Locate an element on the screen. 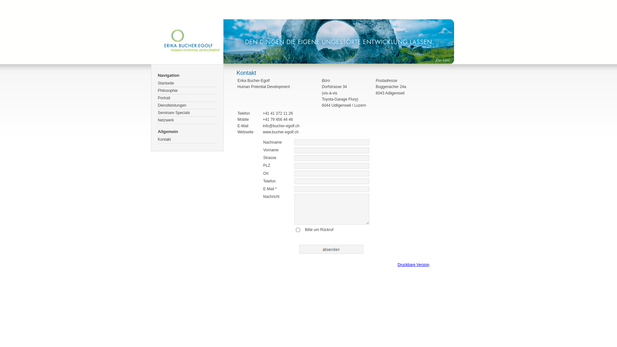  'Dienstleistungen' is located at coordinates (187, 105).